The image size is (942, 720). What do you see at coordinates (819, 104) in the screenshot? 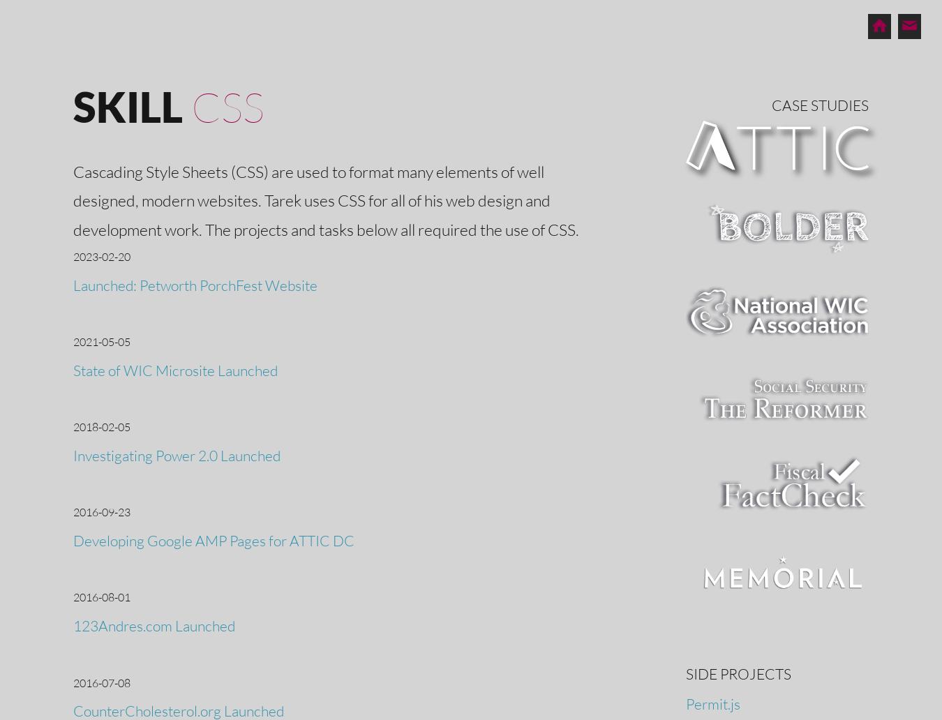
I see `'Case Studies'` at bounding box center [819, 104].